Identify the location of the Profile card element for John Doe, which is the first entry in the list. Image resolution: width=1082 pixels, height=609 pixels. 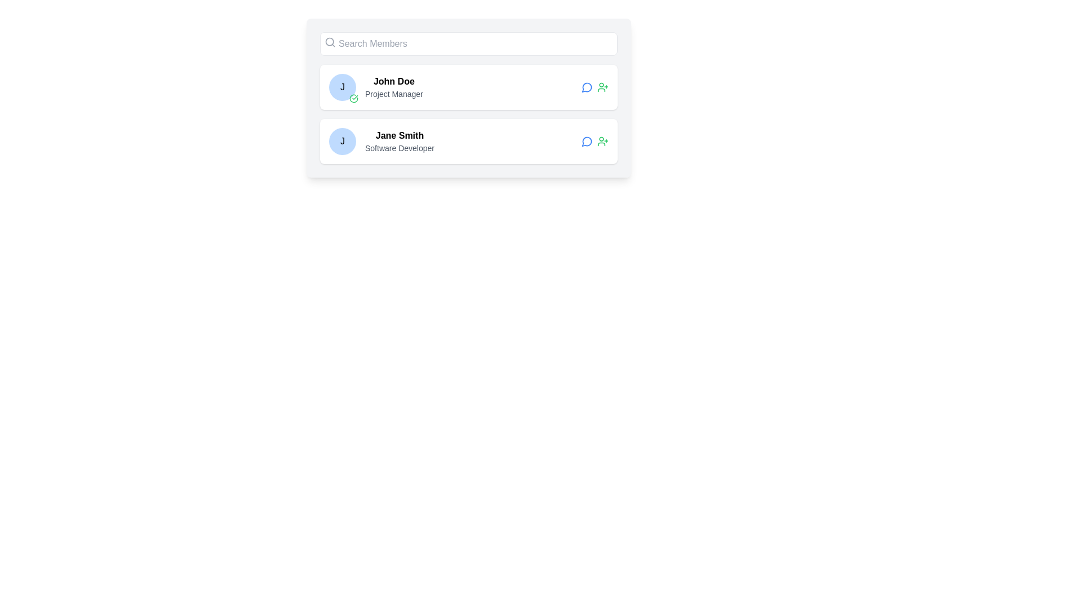
(468, 97).